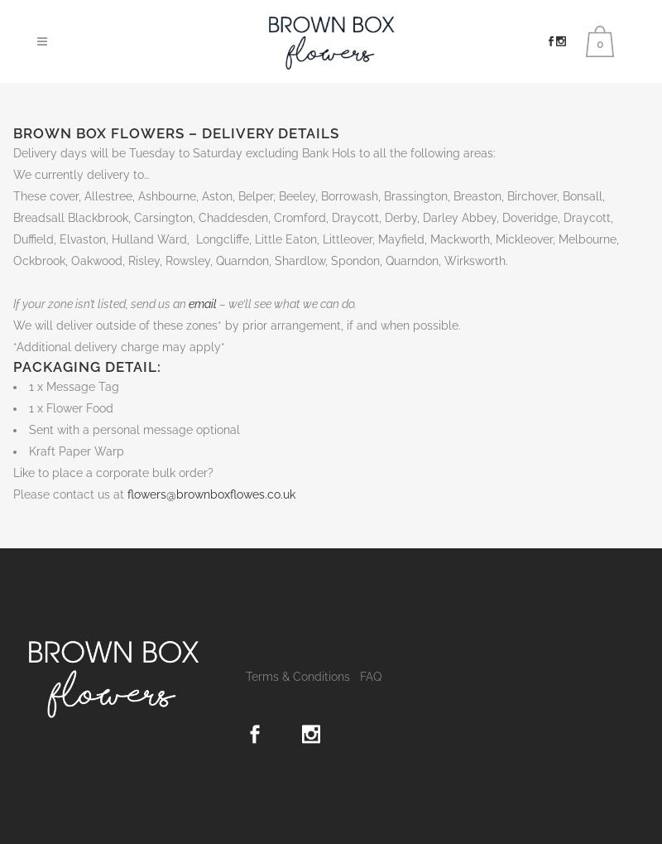  Describe the element at coordinates (100, 304) in the screenshot. I see `'If your zone isn’t listed, send us an'` at that location.